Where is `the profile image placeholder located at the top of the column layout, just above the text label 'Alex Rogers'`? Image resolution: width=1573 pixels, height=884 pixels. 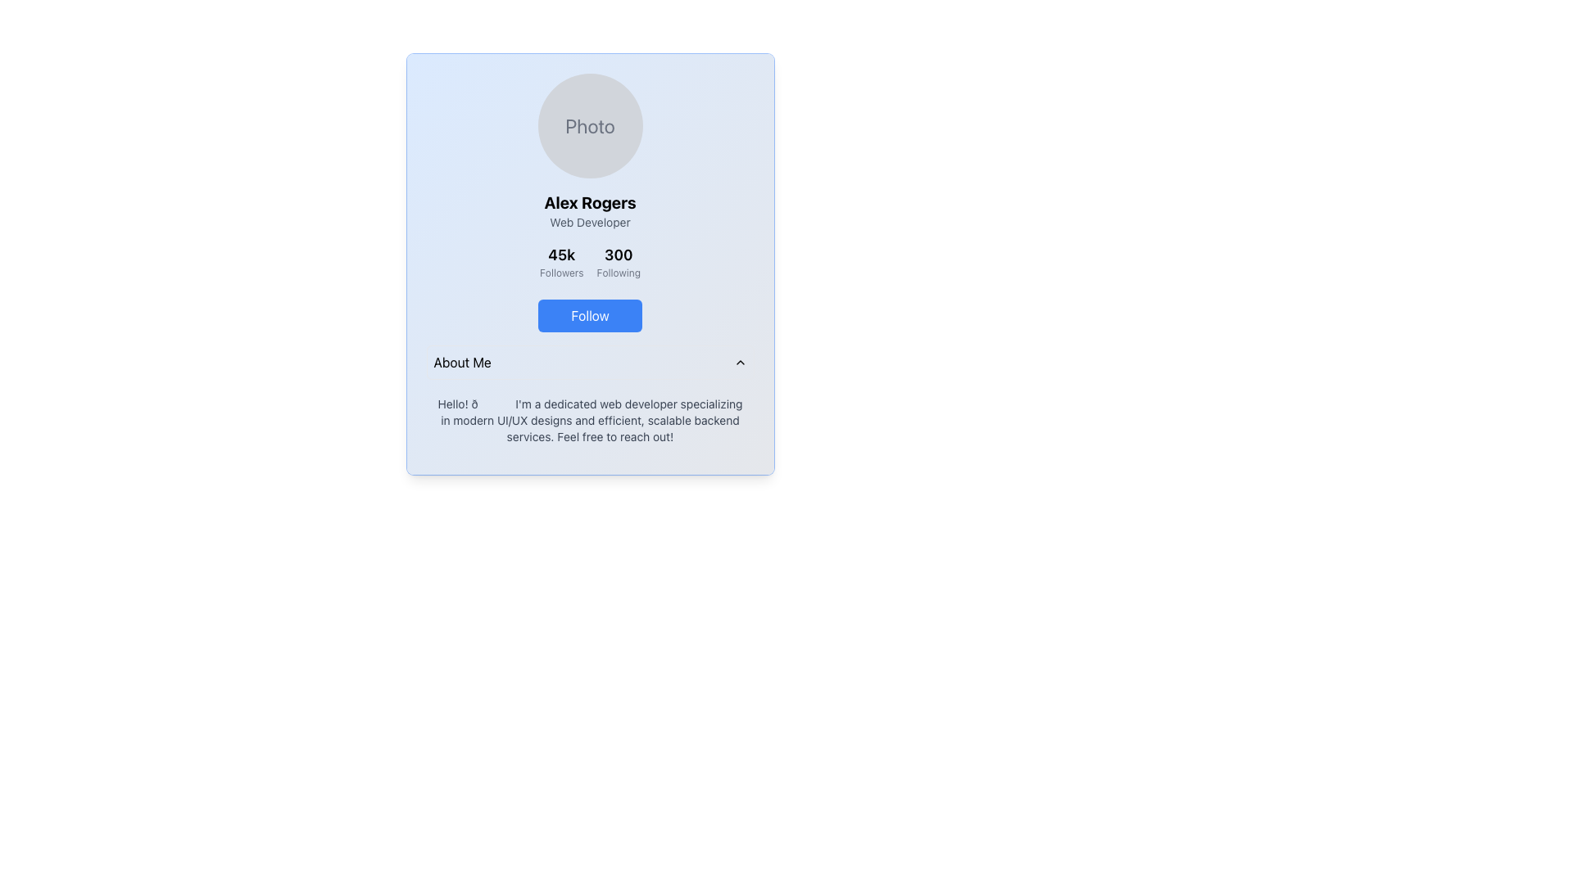
the profile image placeholder located at the top of the column layout, just above the text label 'Alex Rogers' is located at coordinates (590, 125).